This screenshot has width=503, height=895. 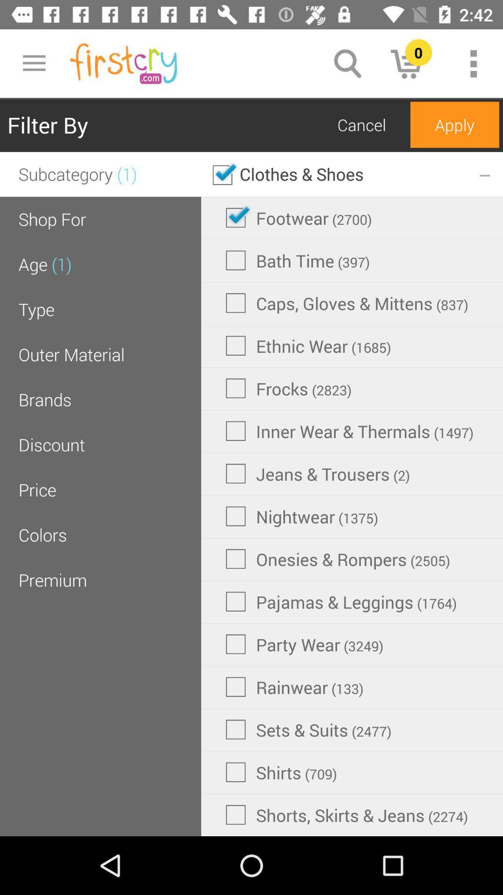 I want to click on item next to discount icon, so click(x=317, y=474).